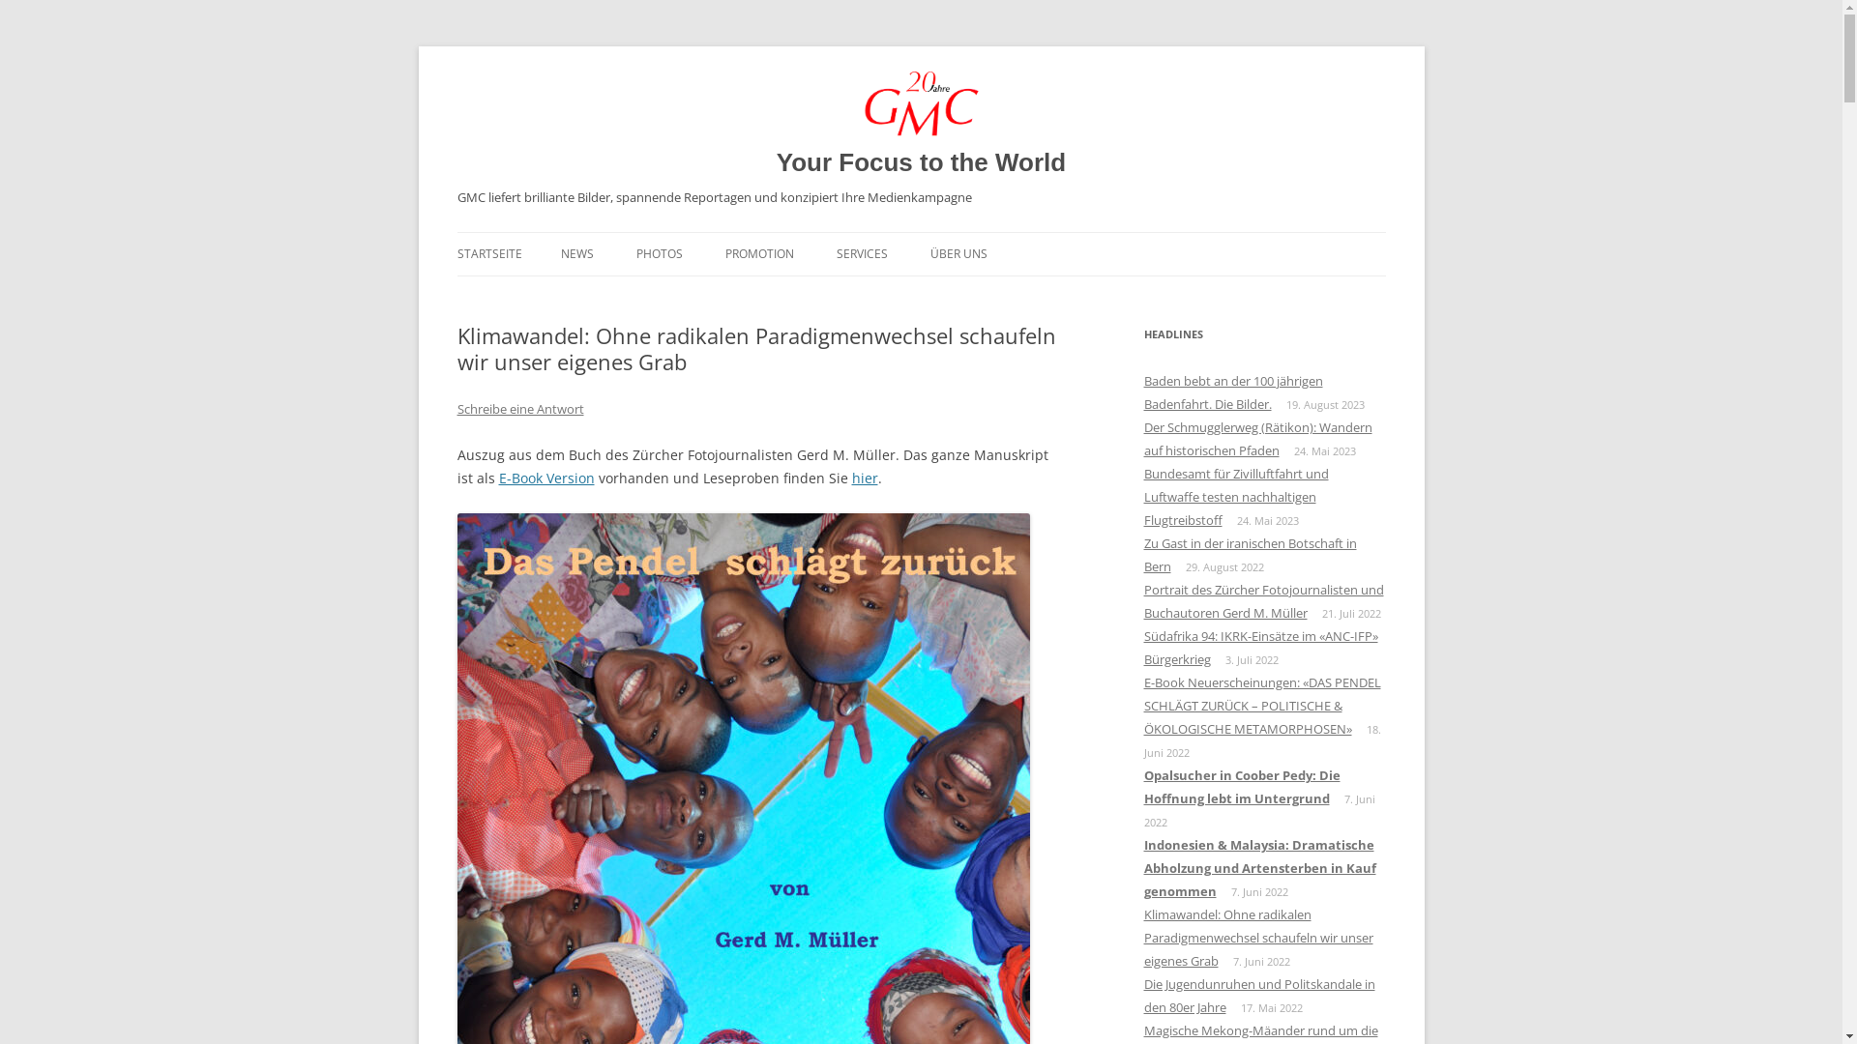 The image size is (1857, 1044). I want to click on 'AKTUELL', so click(658, 295).